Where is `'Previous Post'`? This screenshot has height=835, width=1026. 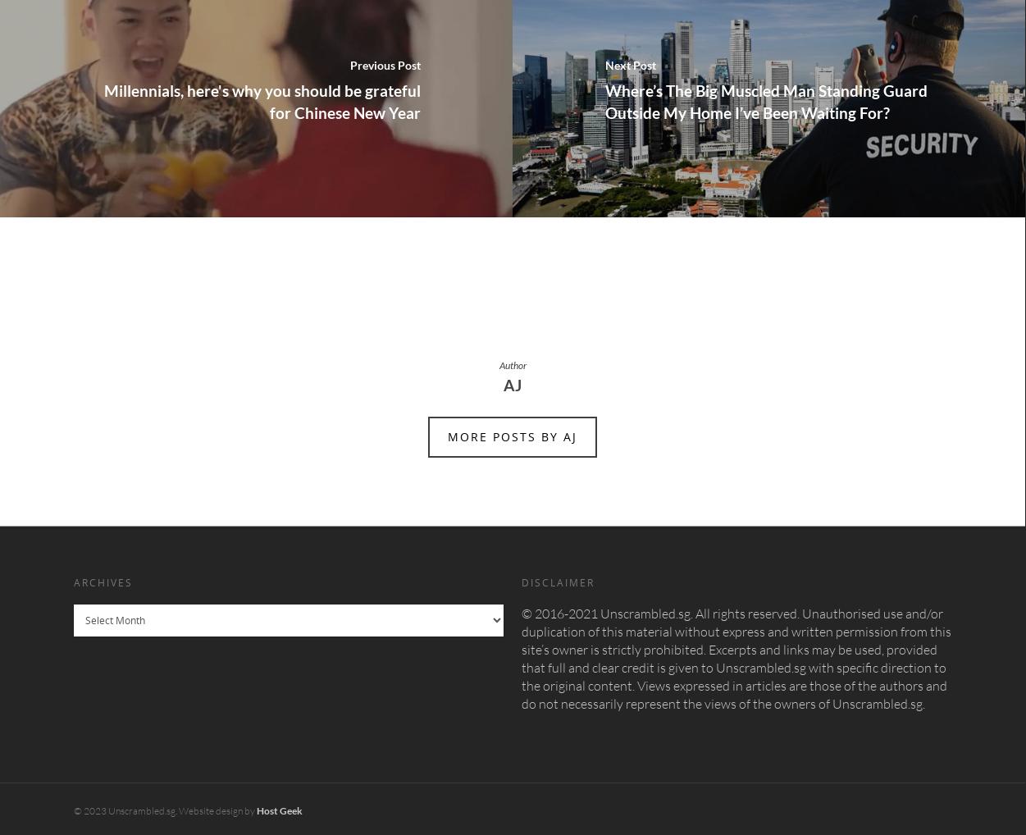
'Previous Post' is located at coordinates (384, 64).